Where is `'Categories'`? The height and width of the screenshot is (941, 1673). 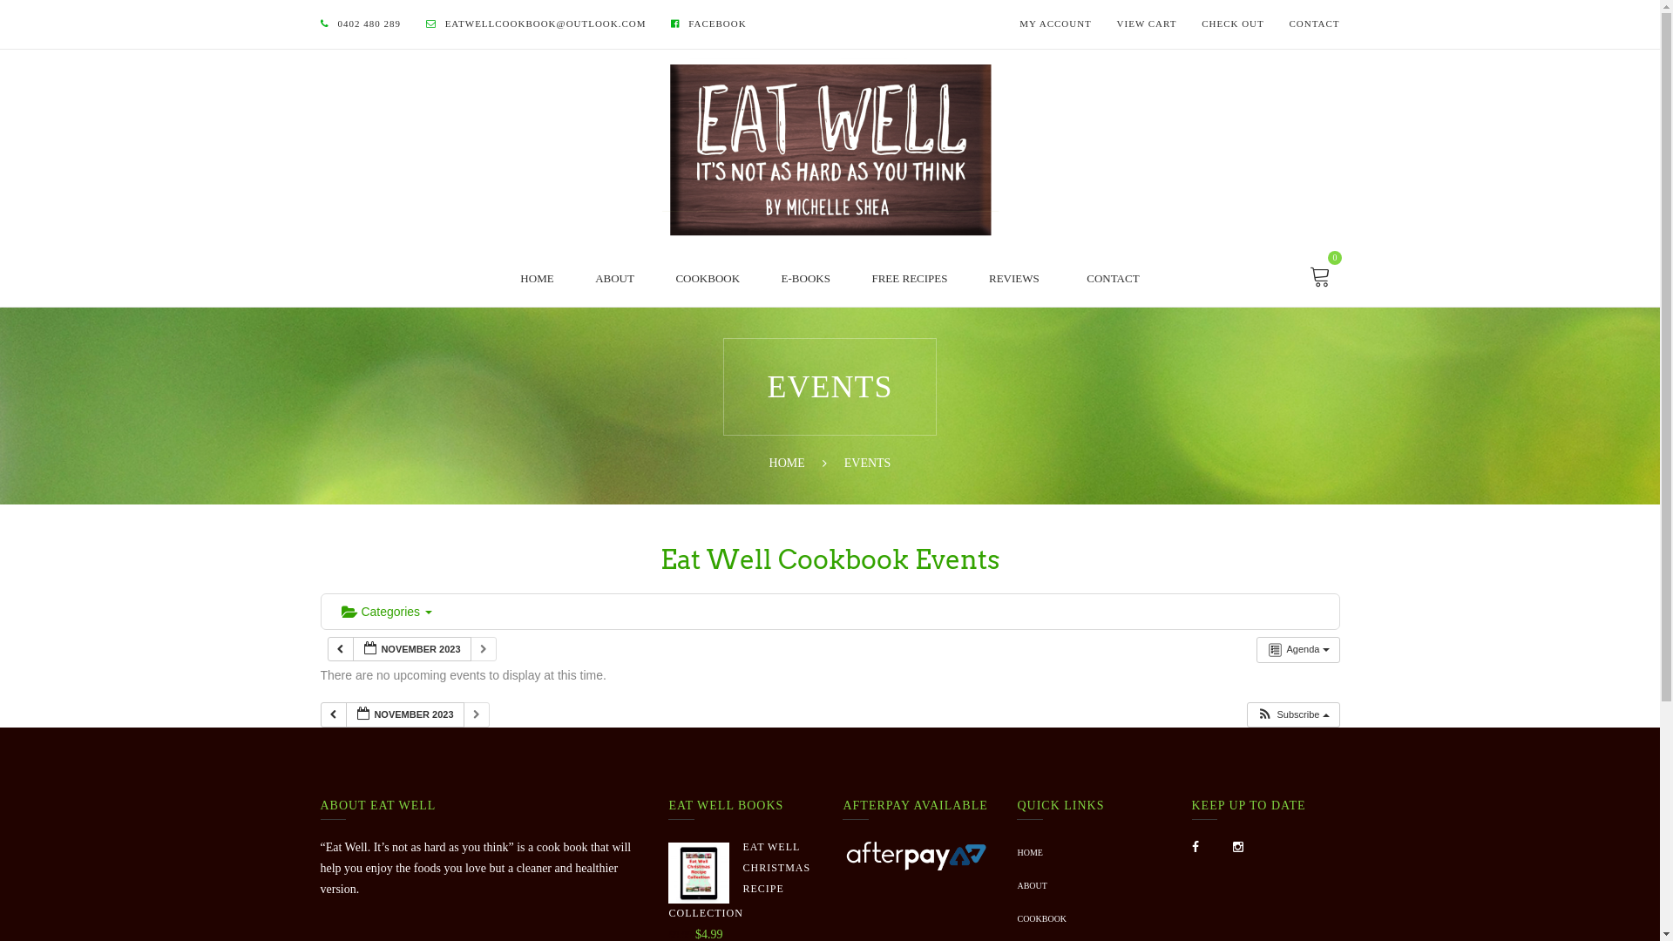 'Categories' is located at coordinates (384, 611).